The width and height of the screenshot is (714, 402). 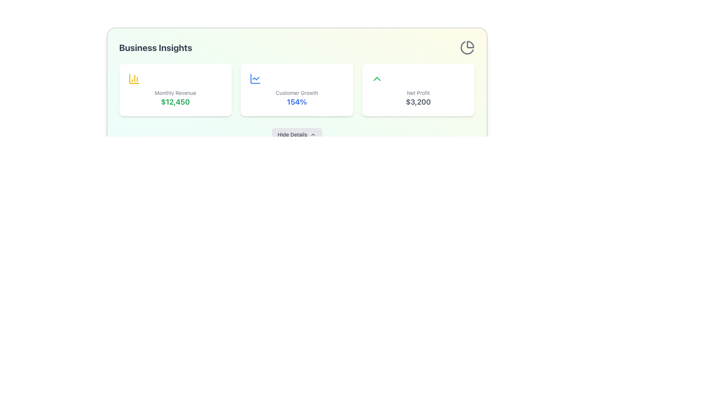 What do you see at coordinates (377, 79) in the screenshot?
I see `the upward-pointing green chevron icon located at the top middle position of the interface, which is near the 'Hide Details' button` at bounding box center [377, 79].